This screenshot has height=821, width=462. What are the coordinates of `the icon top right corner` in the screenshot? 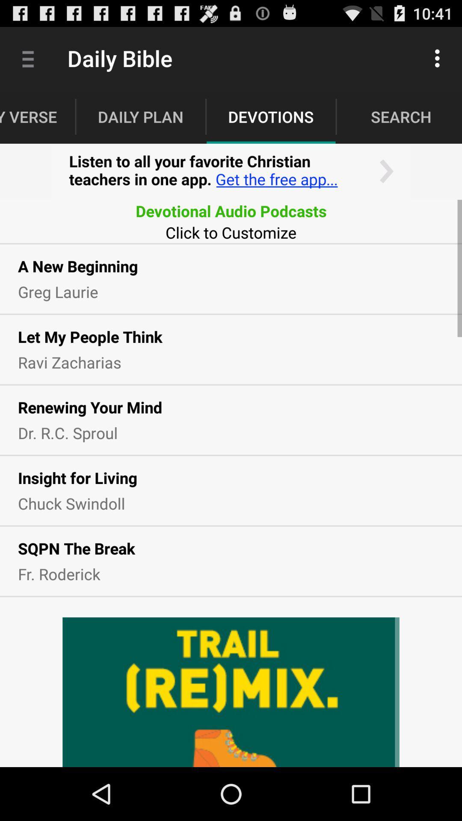 It's located at (439, 58).